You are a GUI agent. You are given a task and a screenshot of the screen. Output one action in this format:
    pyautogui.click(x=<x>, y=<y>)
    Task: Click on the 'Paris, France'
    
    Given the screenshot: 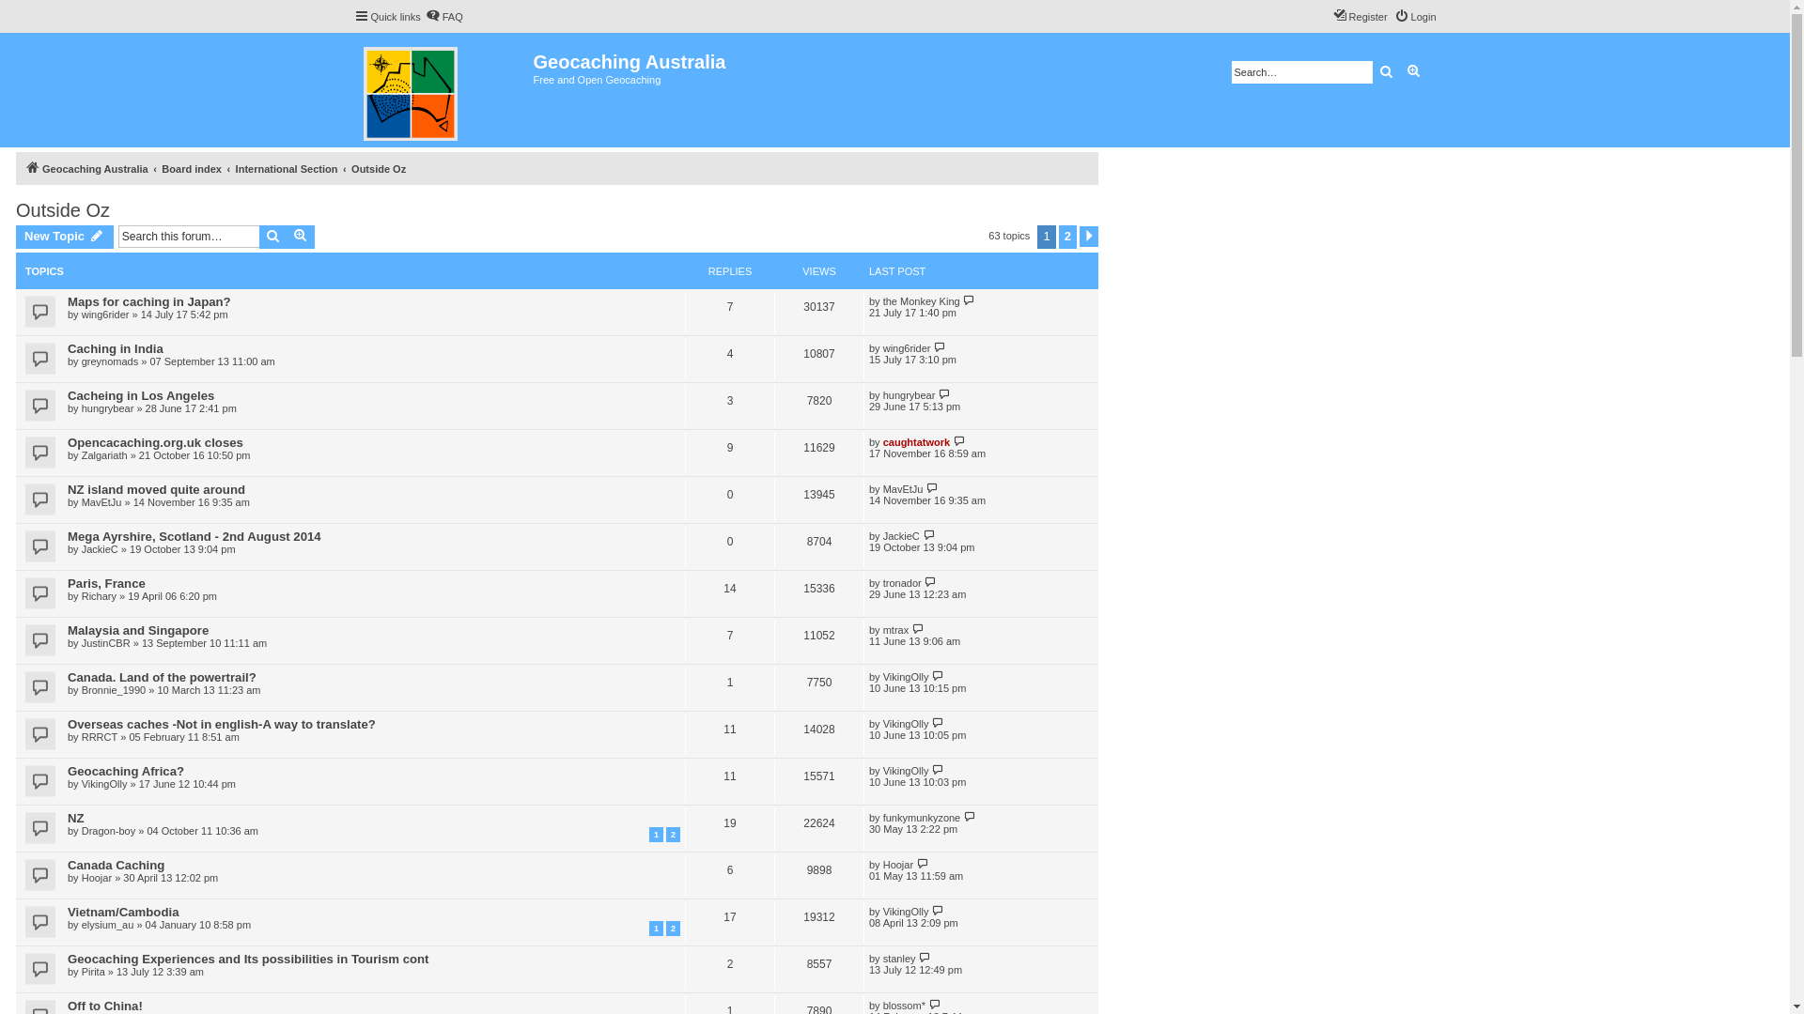 What is the action you would take?
    pyautogui.click(x=105, y=582)
    